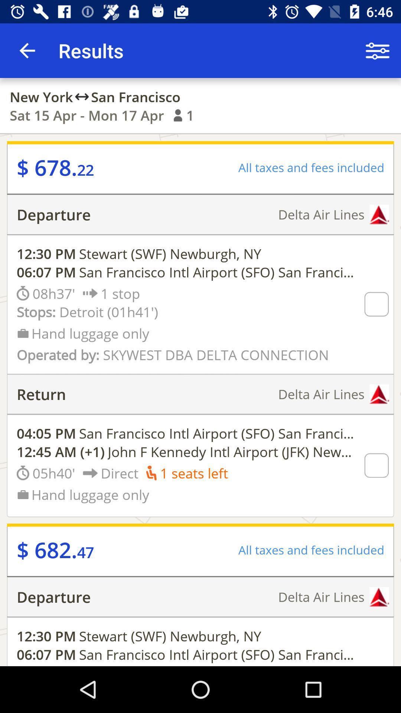 This screenshot has height=713, width=401. What do you see at coordinates (27, 50) in the screenshot?
I see `the icon next to the results item` at bounding box center [27, 50].